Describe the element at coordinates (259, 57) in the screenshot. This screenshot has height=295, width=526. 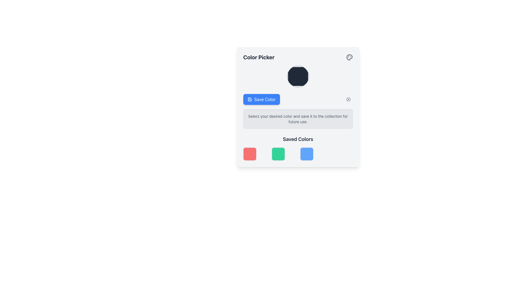
I see `the bold text label 'Color Picker' located at the top-left corner of the color selection interface` at that location.